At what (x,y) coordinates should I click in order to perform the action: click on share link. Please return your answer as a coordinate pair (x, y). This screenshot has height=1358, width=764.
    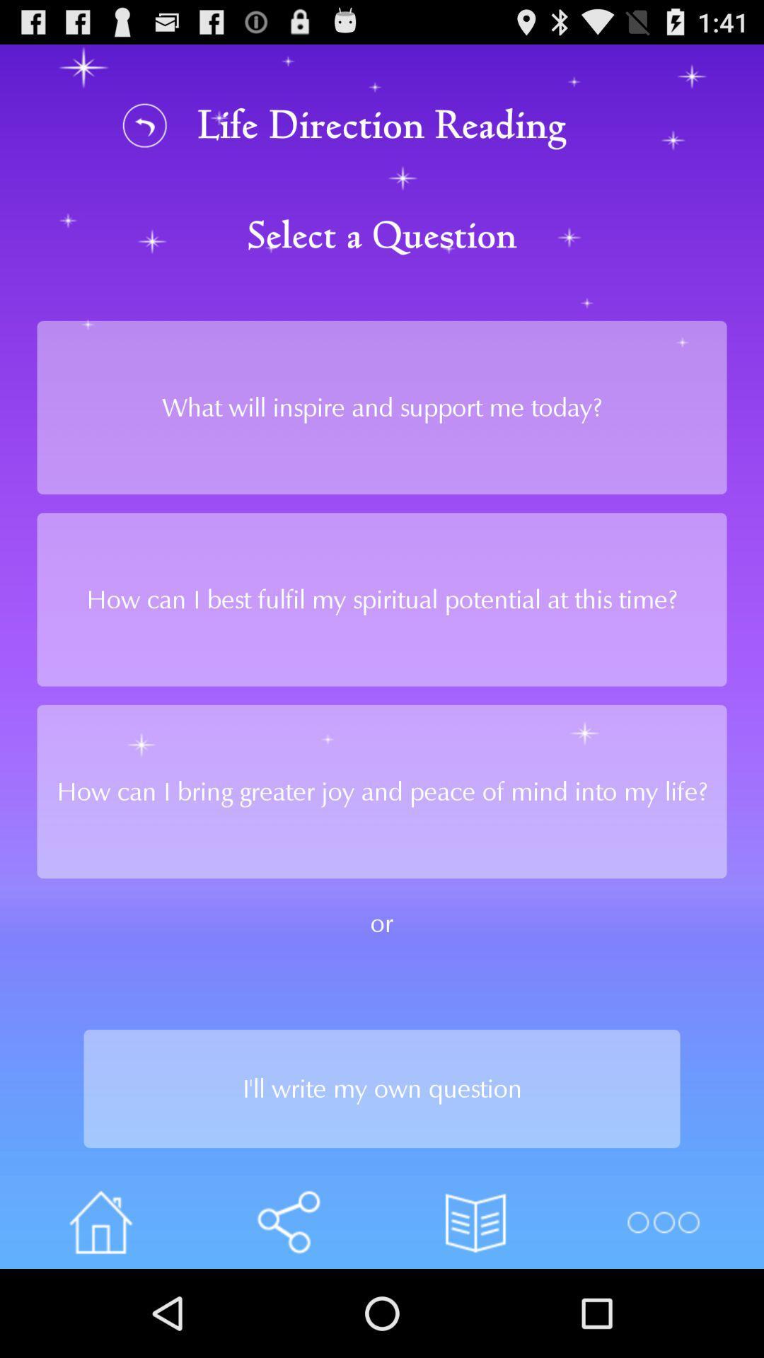
    Looking at the image, I should click on (287, 1221).